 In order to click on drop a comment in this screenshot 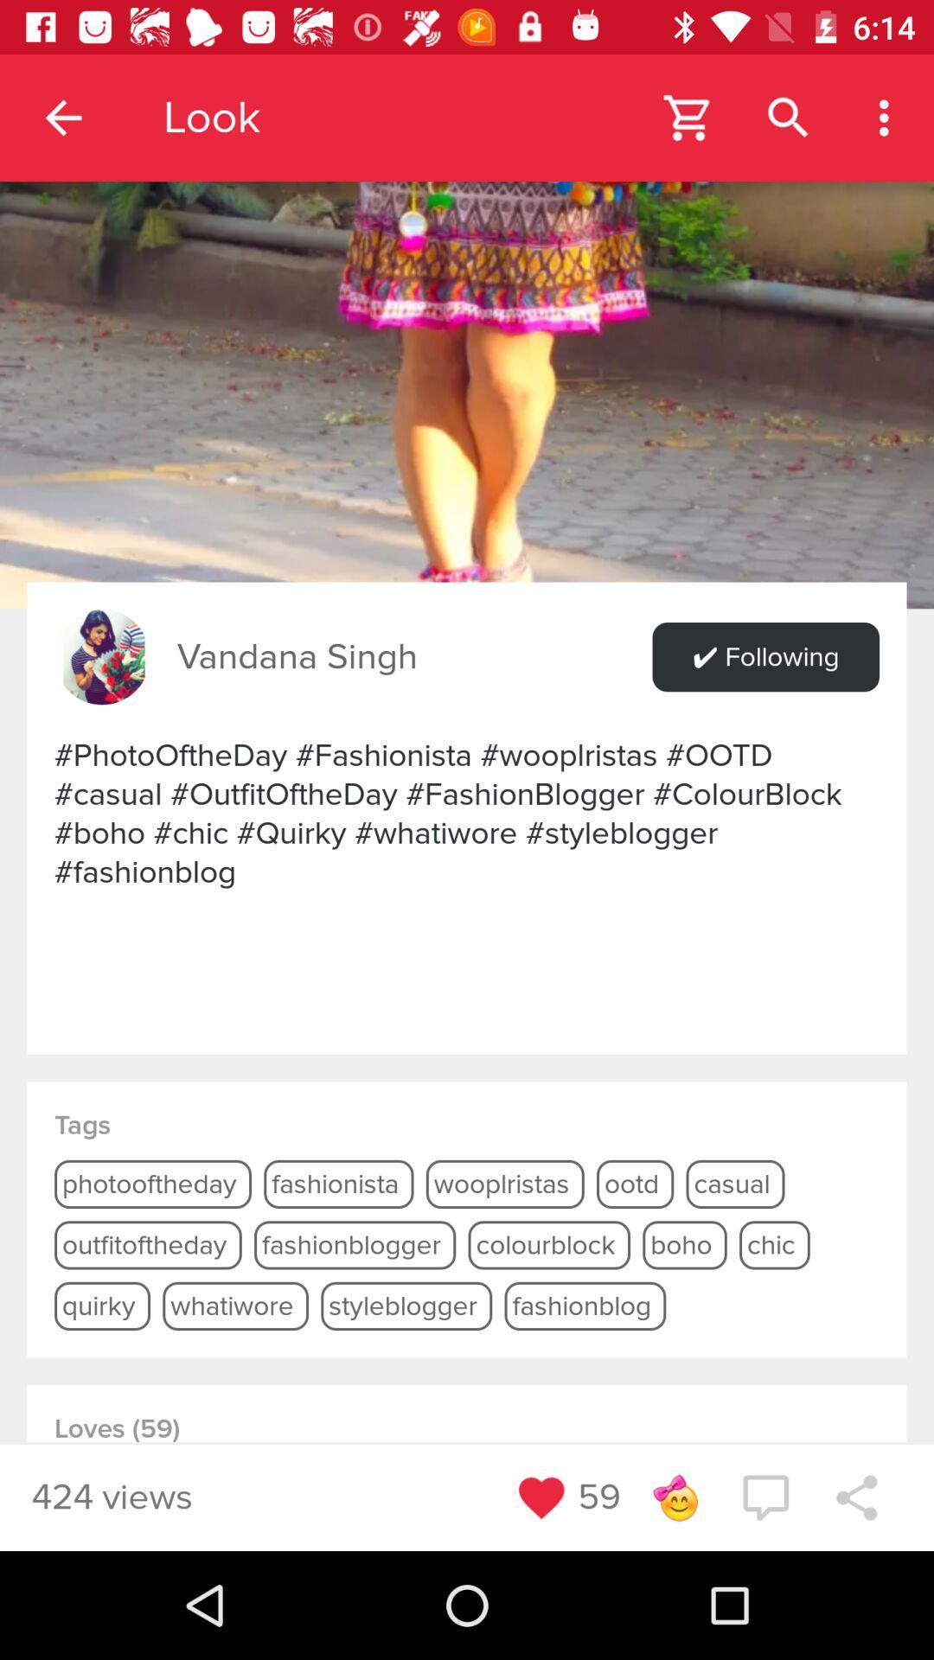, I will do `click(764, 1497)`.